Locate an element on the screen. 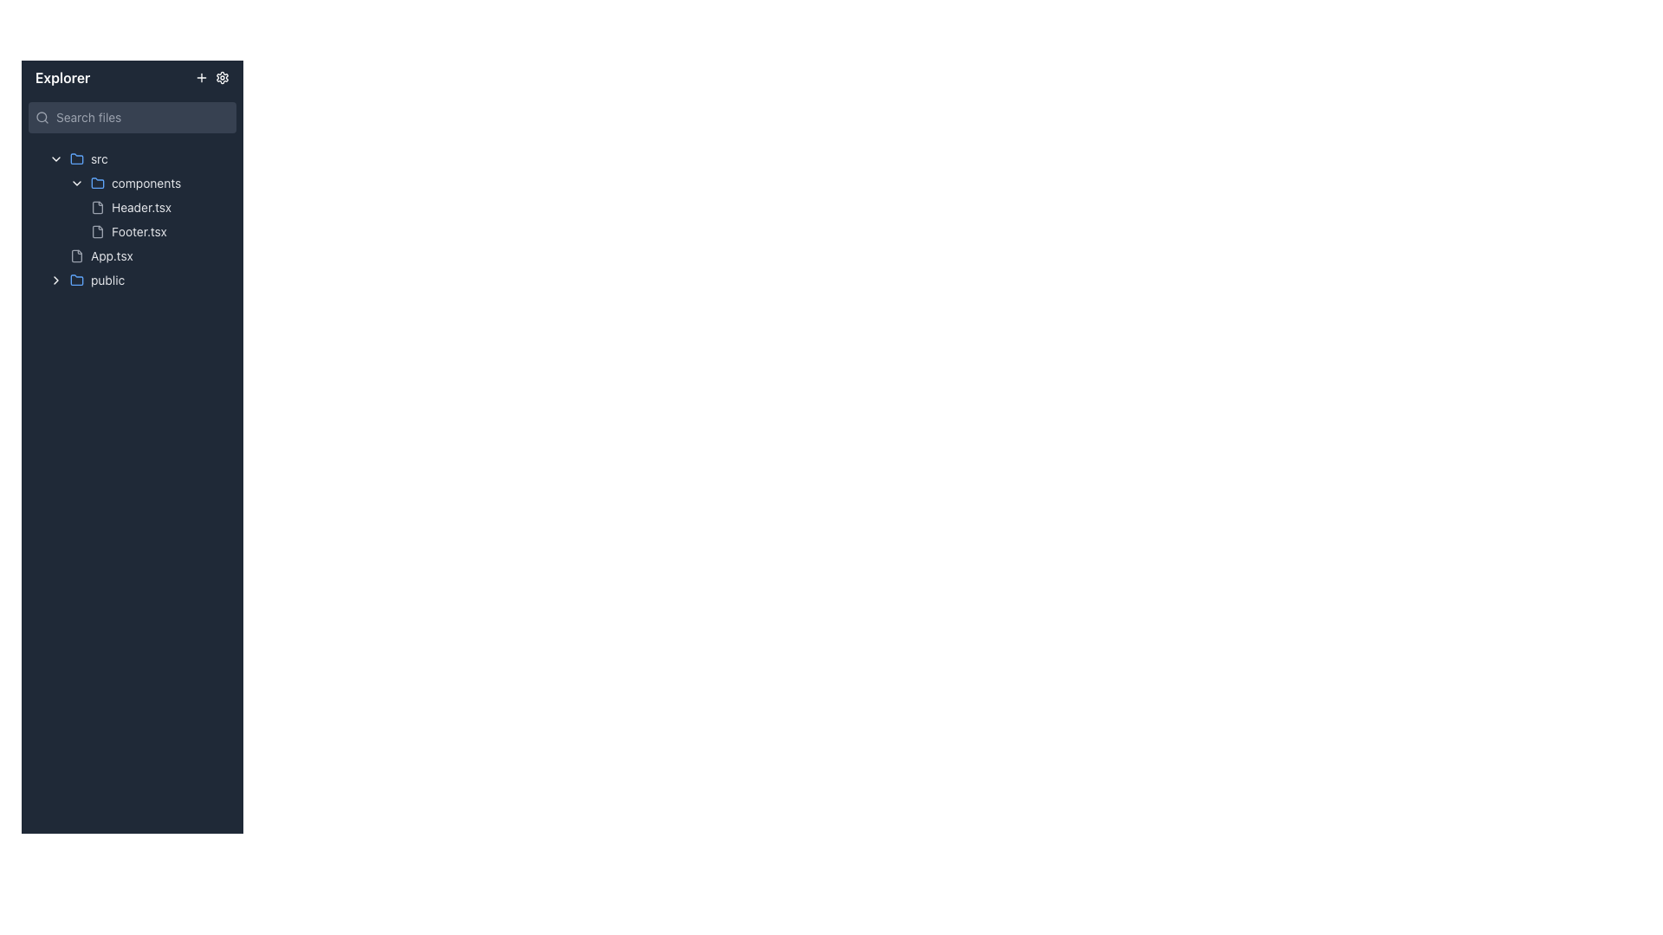  the file item labeled 'App.tsx' in the file explorer is located at coordinates (149, 256).